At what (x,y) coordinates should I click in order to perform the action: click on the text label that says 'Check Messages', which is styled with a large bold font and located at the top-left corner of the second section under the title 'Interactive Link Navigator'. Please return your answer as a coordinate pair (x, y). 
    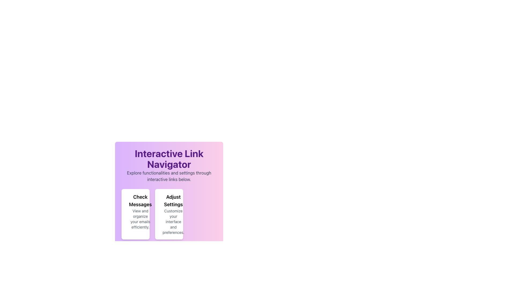
    Looking at the image, I should click on (140, 201).